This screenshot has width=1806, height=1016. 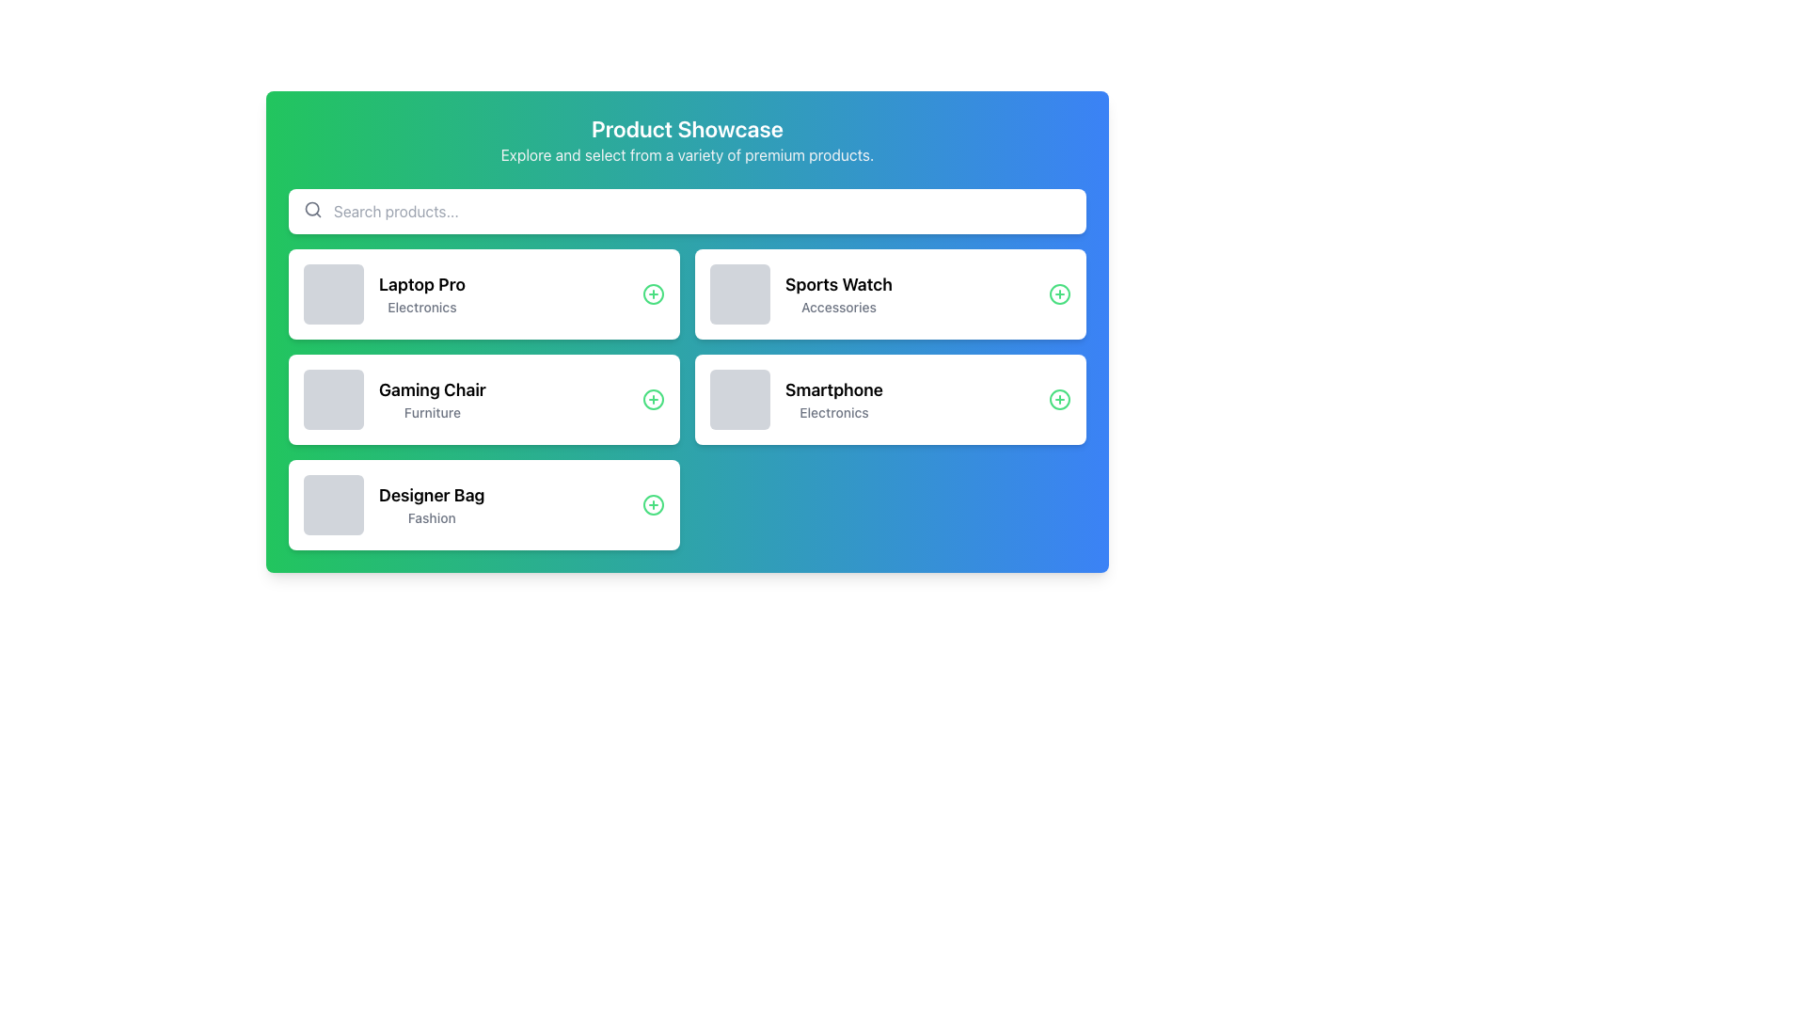 I want to click on text content of the 'Designer Bag' label, which is located in the last row of the first column in the product listing grid, below the 'Gaming Chair' card, so click(x=431, y=503).